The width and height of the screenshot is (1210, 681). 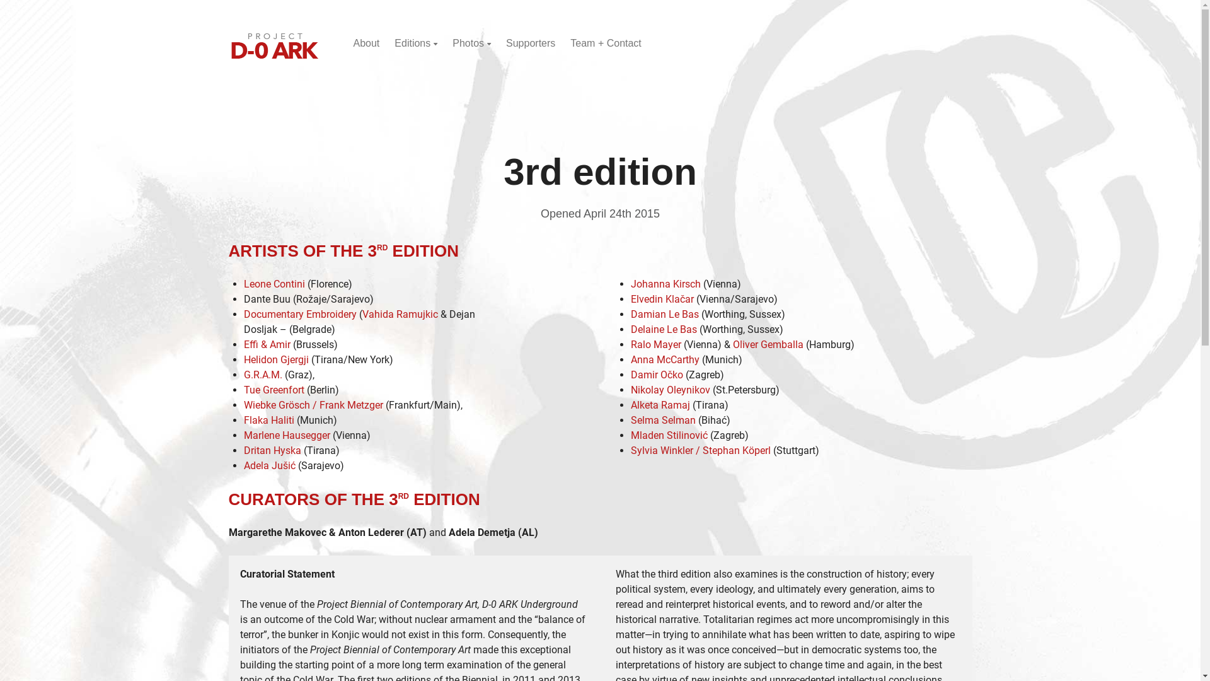 What do you see at coordinates (655, 344) in the screenshot?
I see `'Ralo Mayer'` at bounding box center [655, 344].